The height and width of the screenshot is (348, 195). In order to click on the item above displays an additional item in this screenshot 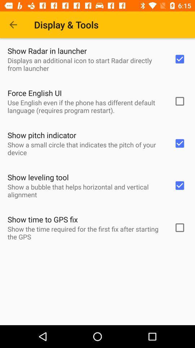, I will do `click(47, 50)`.